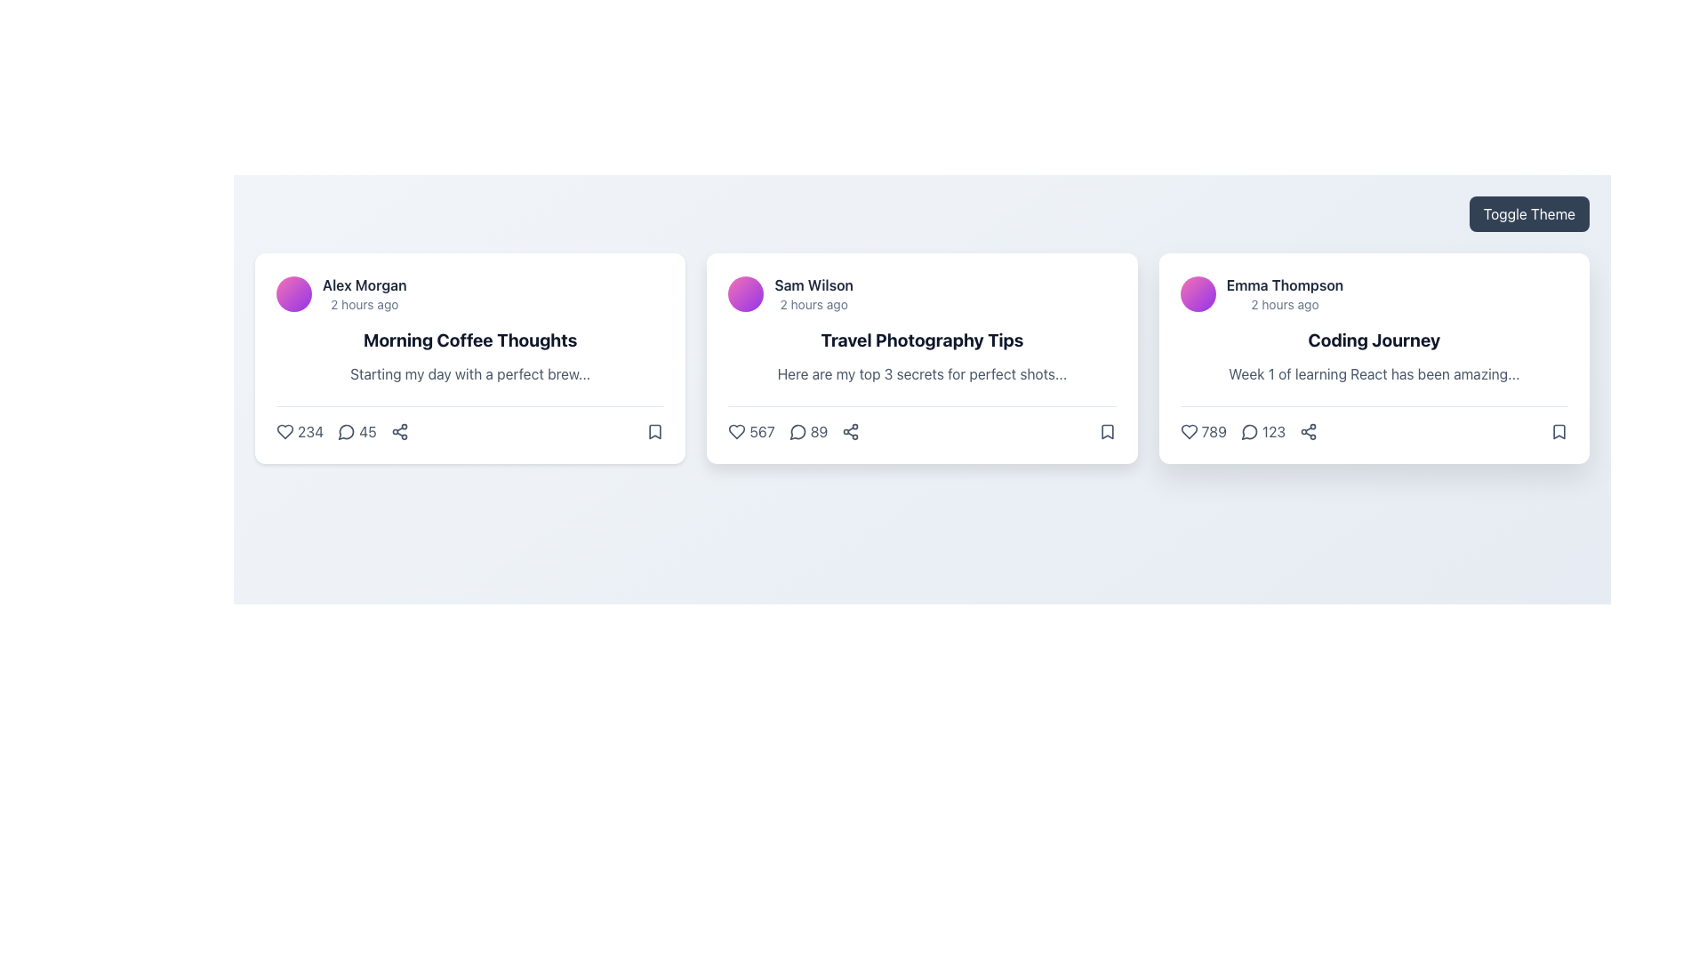  Describe the element at coordinates (922, 293) in the screenshot. I see `the author and time display element ('Sam Wilson' and '2 hours ago') located in the upper part of the second card within a row of three cards, just above the title 'Travel Photography Tips'` at that location.